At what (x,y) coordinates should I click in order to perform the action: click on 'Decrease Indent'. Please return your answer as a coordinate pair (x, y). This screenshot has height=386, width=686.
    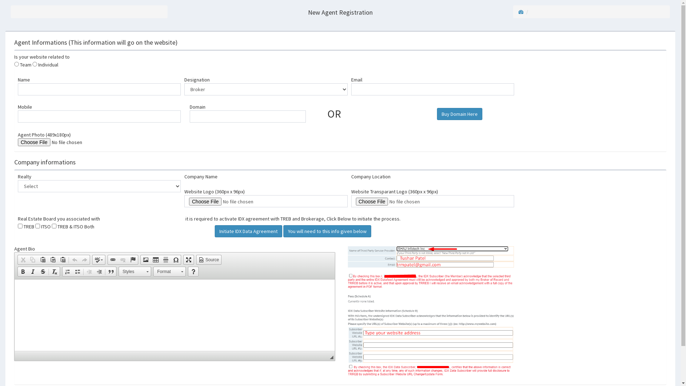
    Looking at the image, I should click on (89, 271).